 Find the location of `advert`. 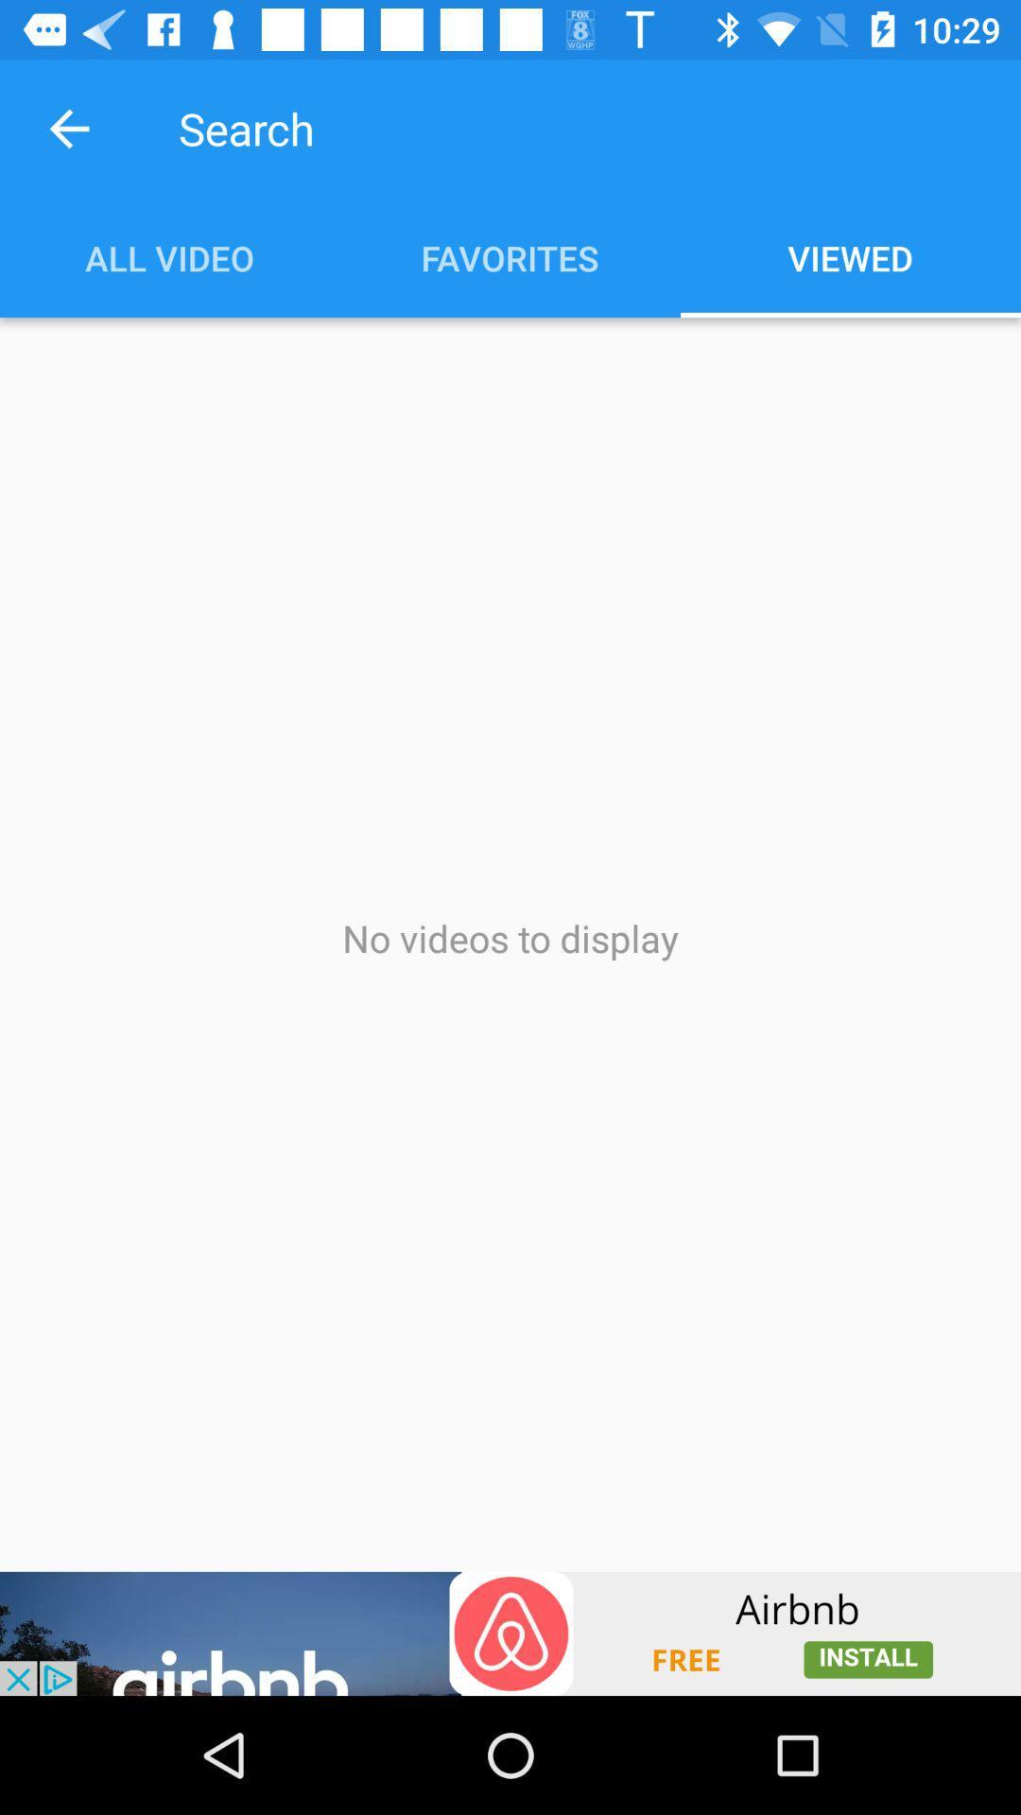

advert is located at coordinates (510, 1633).